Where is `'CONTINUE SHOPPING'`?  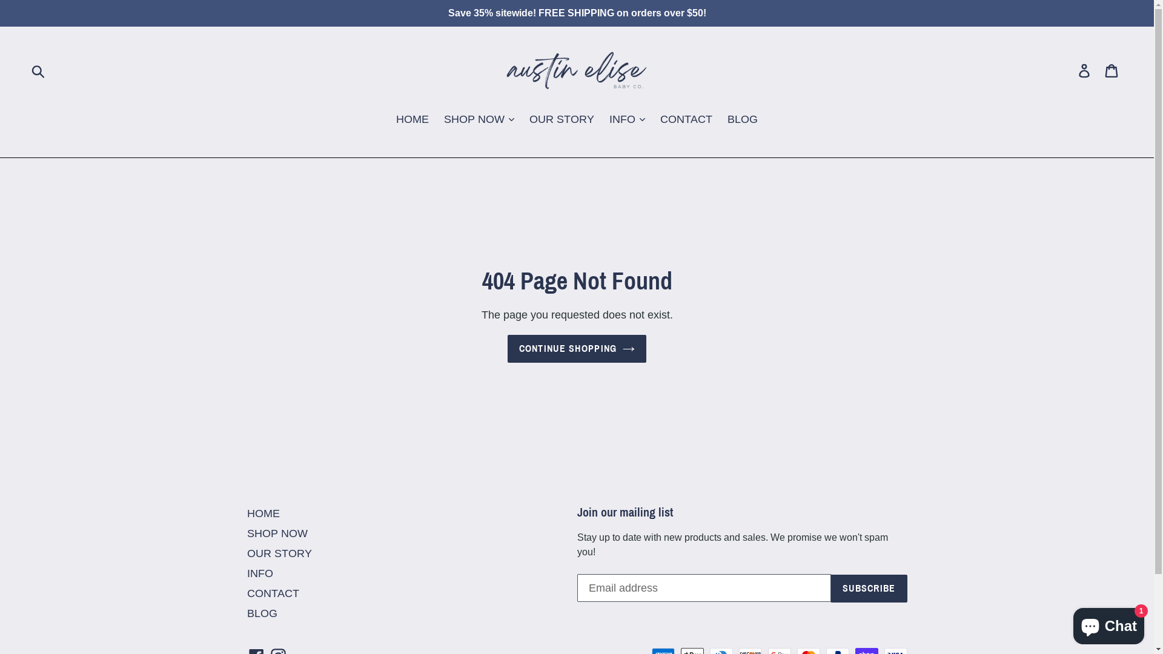 'CONTINUE SHOPPING' is located at coordinates (577, 348).